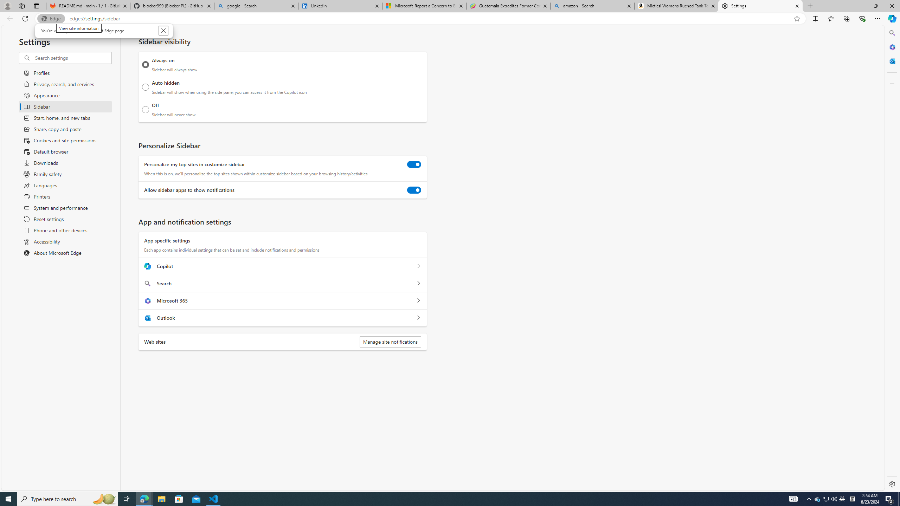  I want to click on 'Microsoft Store', so click(179, 498).